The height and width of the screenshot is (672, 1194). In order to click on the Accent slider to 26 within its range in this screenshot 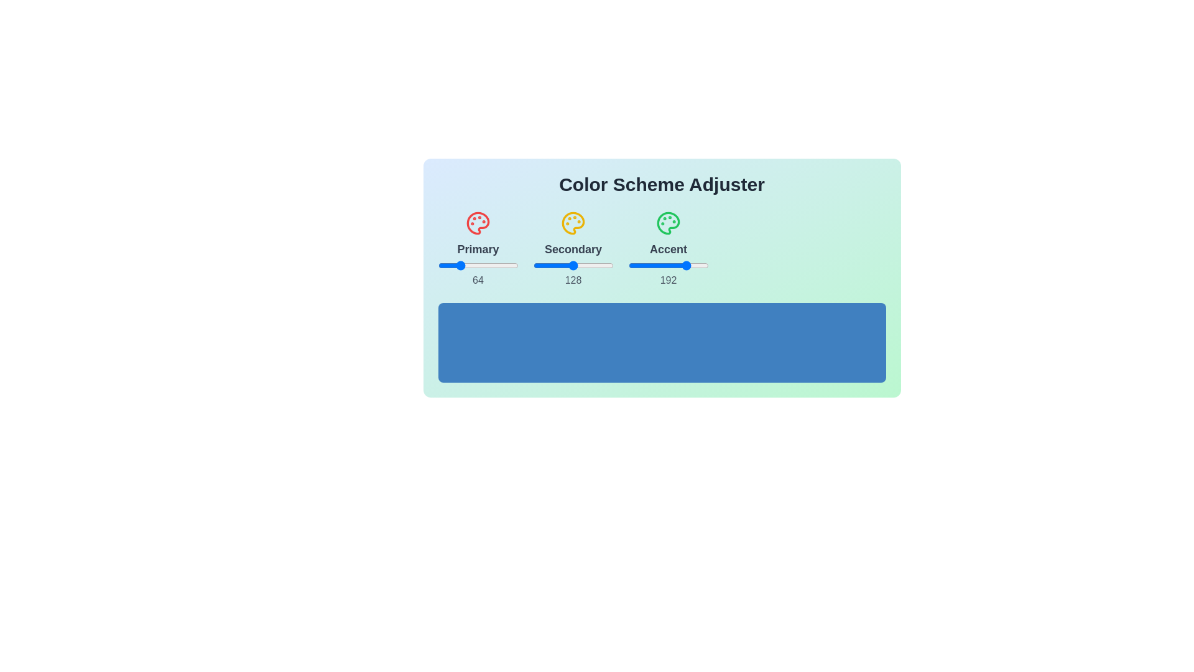, I will do `click(636, 265)`.